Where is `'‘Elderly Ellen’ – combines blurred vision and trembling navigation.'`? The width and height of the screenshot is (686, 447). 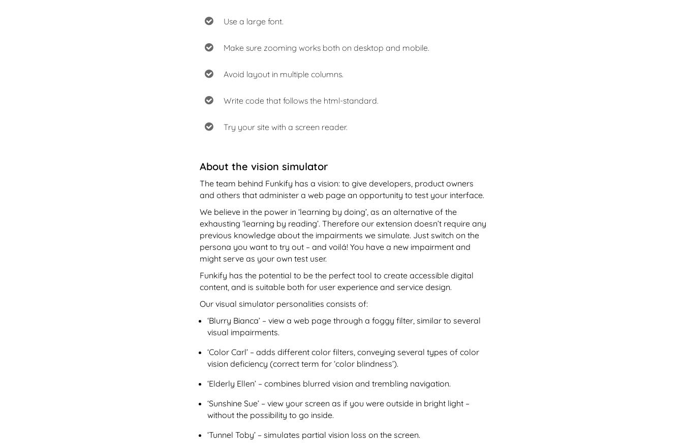
'‘Elderly Ellen’ – combines blurred vision and trembling navigation.' is located at coordinates (207, 382).